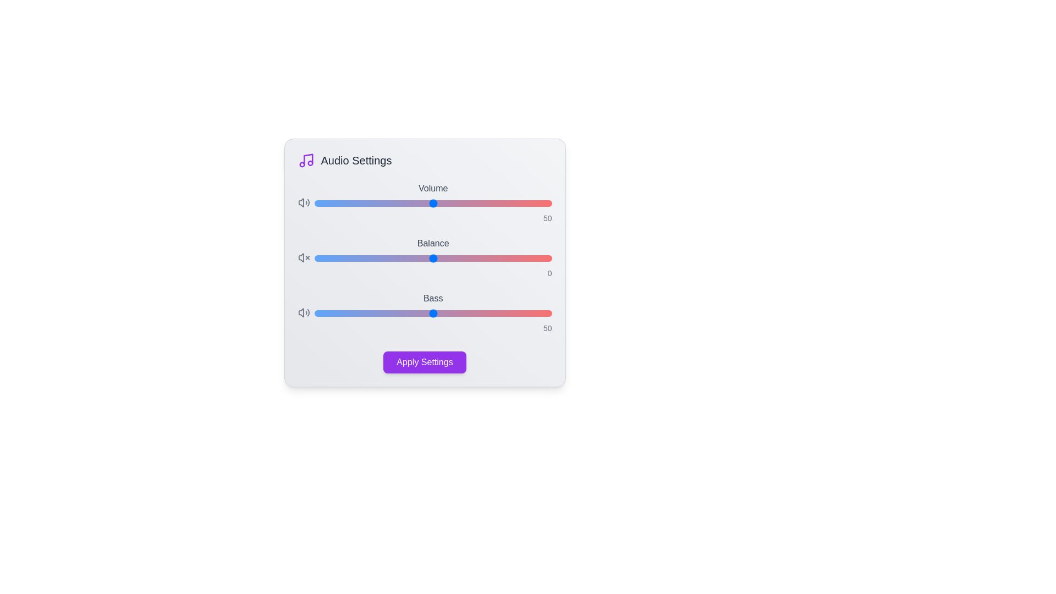 The image size is (1056, 594). Describe the element at coordinates (386, 258) in the screenshot. I see `the 'Balance' slider to the specified value -20` at that location.